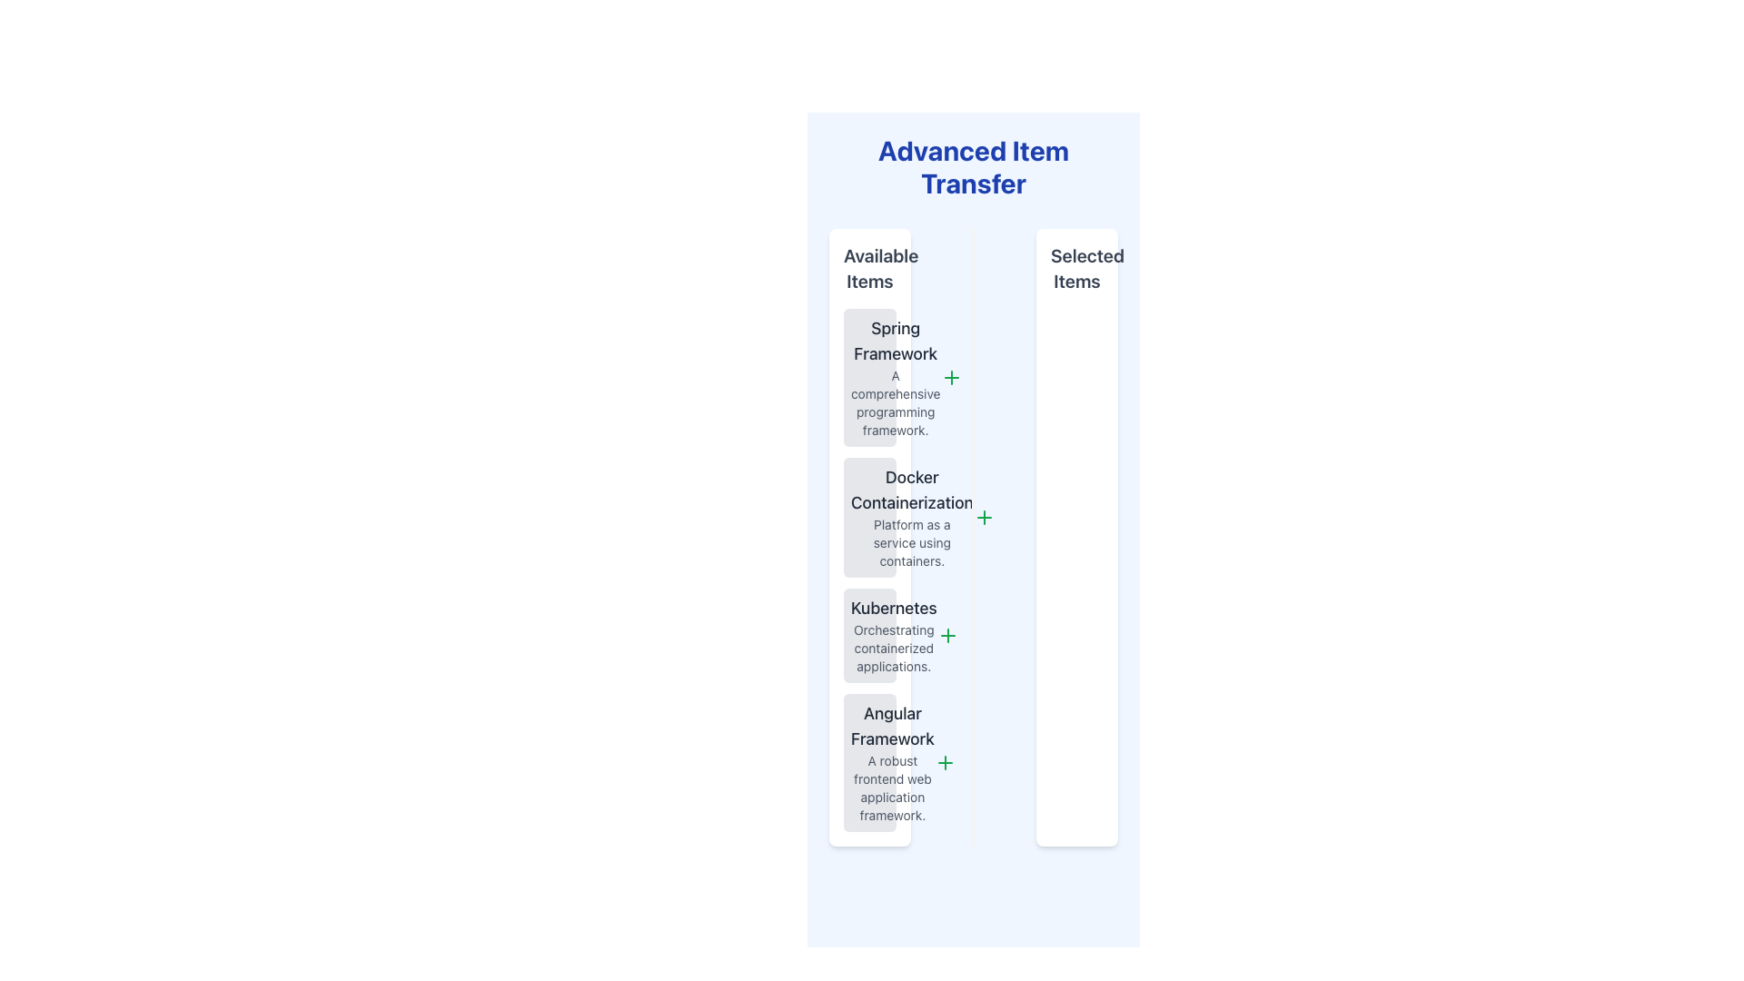 The height and width of the screenshot is (981, 1744). I want to click on the text label displaying 'Kubernetes' which is styled in a bold font and positioned at the top of the 'Available Items' section, so click(894, 609).